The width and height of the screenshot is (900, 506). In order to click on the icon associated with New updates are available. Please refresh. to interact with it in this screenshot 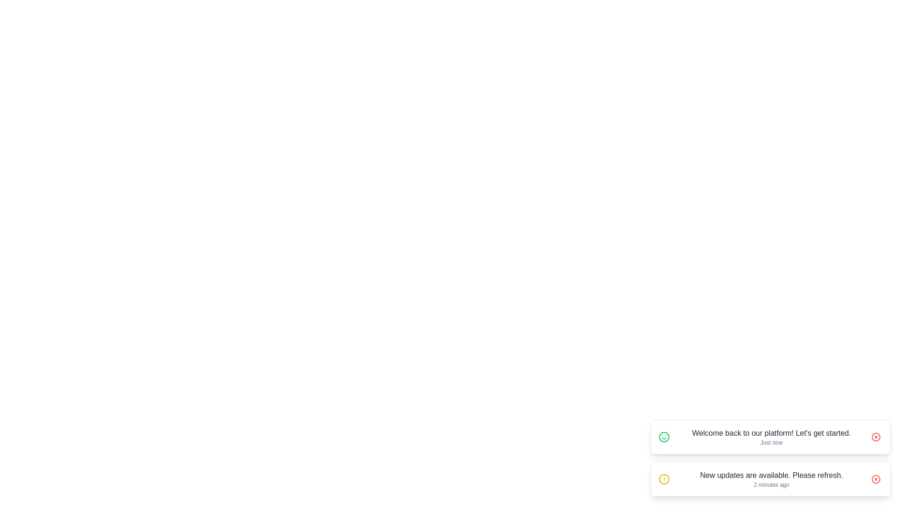, I will do `click(663, 479)`.